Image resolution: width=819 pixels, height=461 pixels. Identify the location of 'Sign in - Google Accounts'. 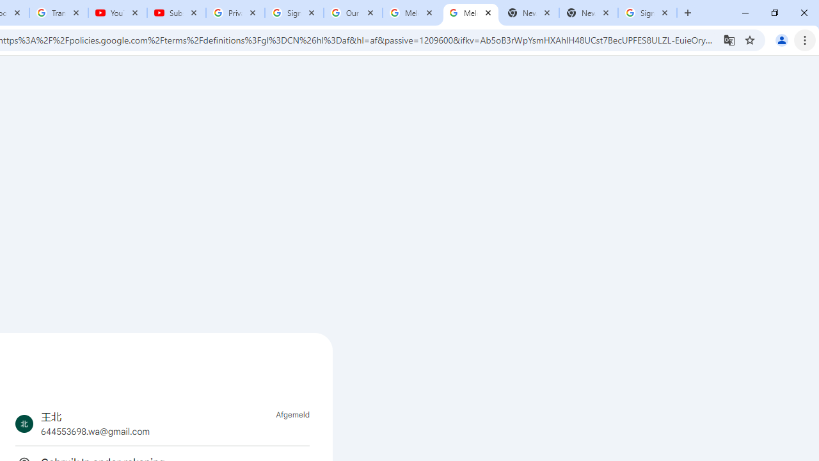
(648, 13).